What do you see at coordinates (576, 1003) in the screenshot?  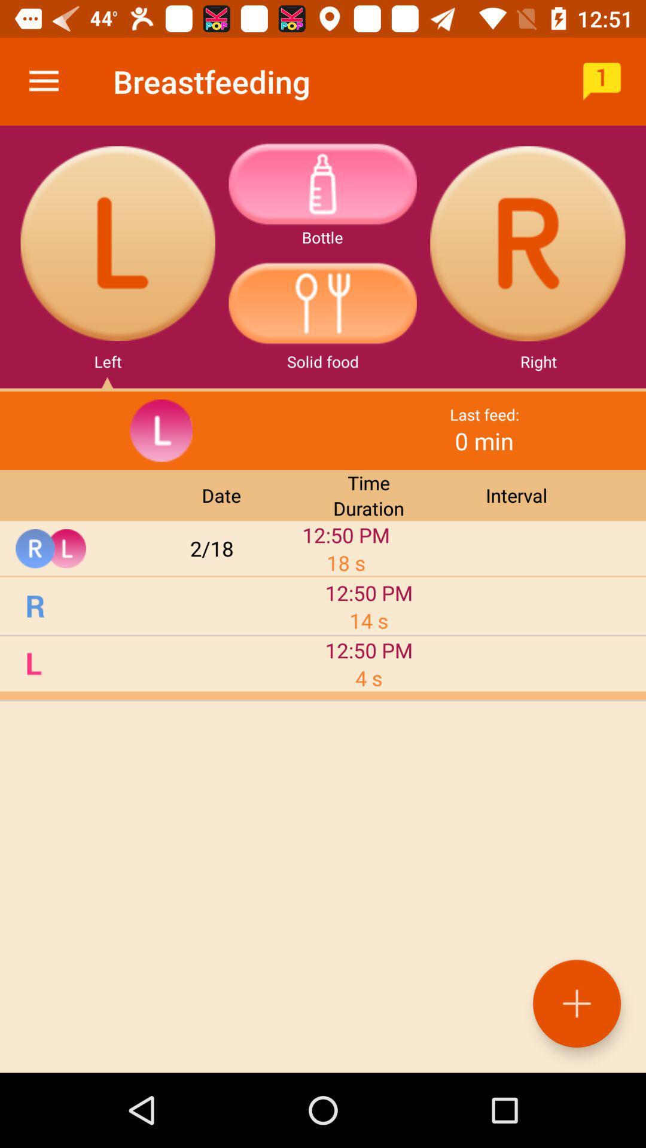 I see `the add icon` at bounding box center [576, 1003].